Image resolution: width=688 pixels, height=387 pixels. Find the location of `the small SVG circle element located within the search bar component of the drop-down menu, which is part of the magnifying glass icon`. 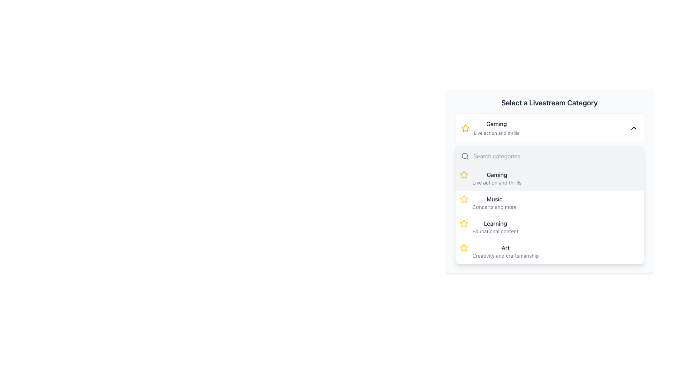

the small SVG circle element located within the search bar component of the drop-down menu, which is part of the magnifying glass icon is located at coordinates (464, 156).